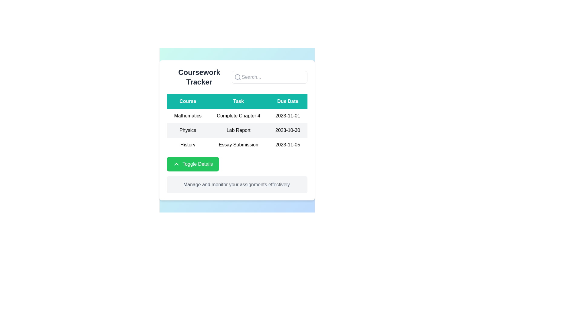  What do you see at coordinates (287, 130) in the screenshot?
I see `the static text element displaying the date '2023-10-30', located in the third column of the second row of the table under the 'Due Date' column` at bounding box center [287, 130].